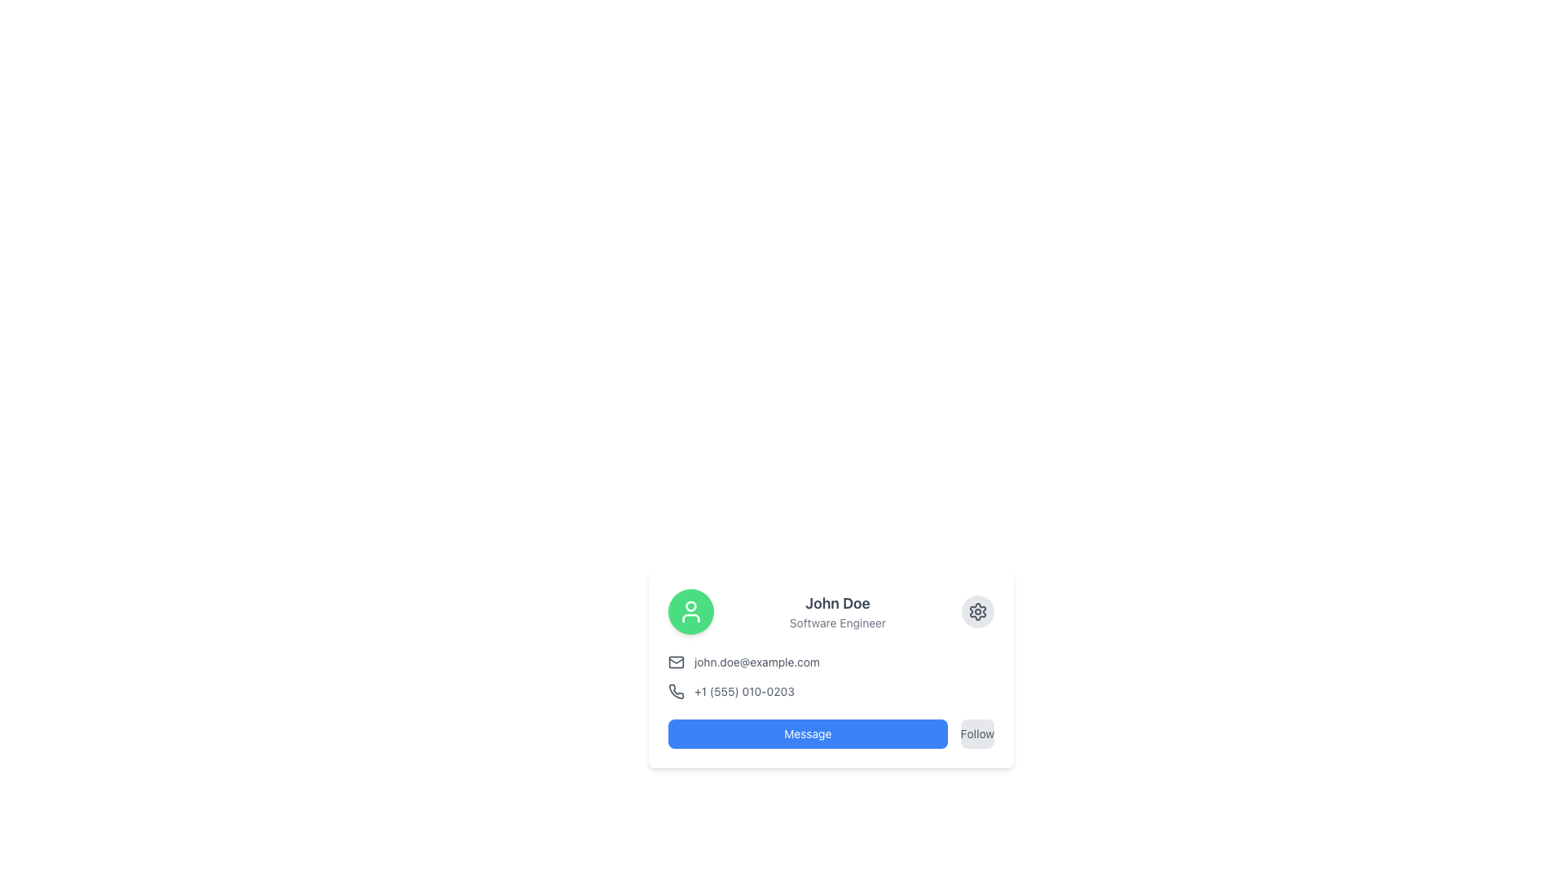  I want to click on the gear icon representing settings, located in the upper-right corner of the user card section, so click(978, 612).